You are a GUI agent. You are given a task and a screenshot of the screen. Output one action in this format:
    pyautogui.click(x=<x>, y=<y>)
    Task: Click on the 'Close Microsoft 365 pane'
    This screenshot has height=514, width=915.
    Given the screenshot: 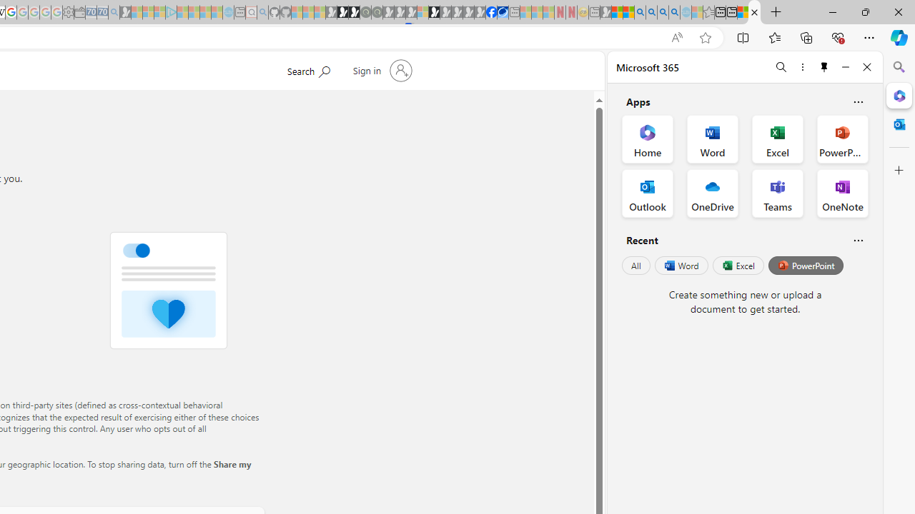 What is the action you would take?
    pyautogui.click(x=899, y=95)
    